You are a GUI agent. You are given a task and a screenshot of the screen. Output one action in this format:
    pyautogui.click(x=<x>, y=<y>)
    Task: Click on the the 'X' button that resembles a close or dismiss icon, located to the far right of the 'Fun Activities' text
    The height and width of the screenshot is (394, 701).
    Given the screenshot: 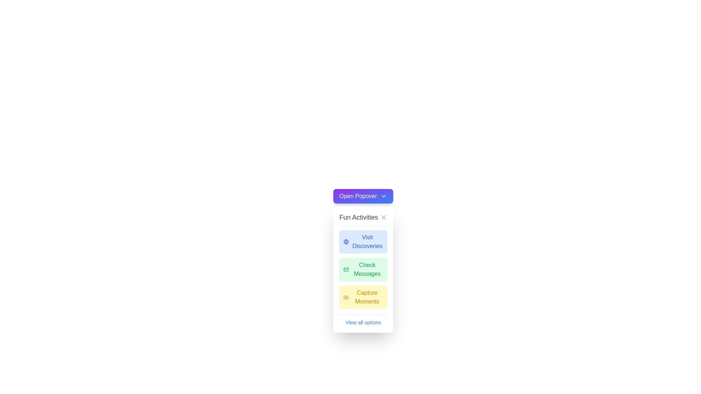 What is the action you would take?
    pyautogui.click(x=383, y=217)
    